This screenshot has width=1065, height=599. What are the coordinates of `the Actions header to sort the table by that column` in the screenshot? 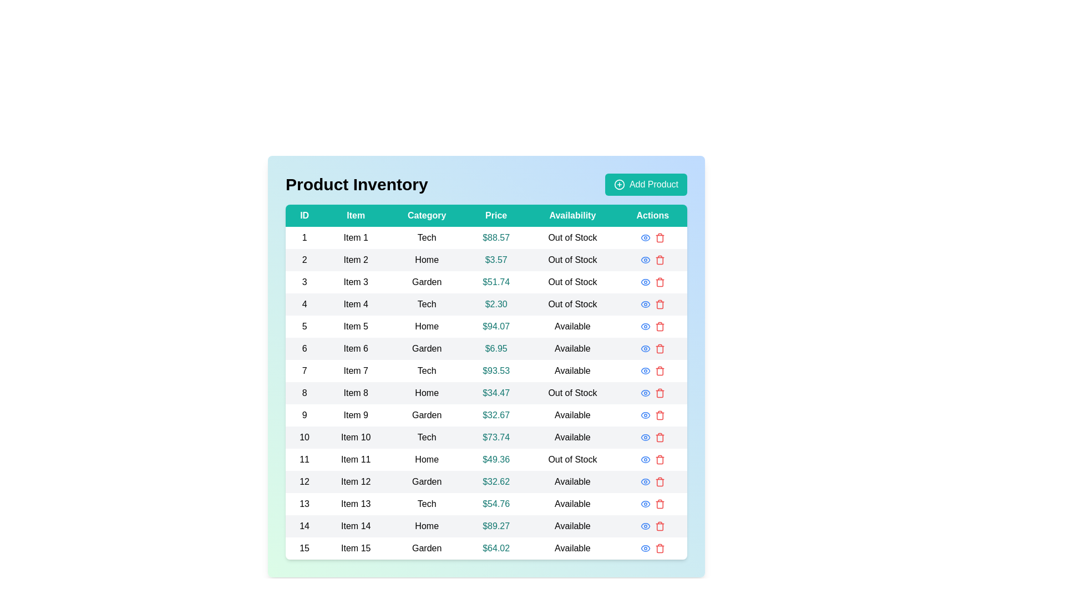 It's located at (652, 216).